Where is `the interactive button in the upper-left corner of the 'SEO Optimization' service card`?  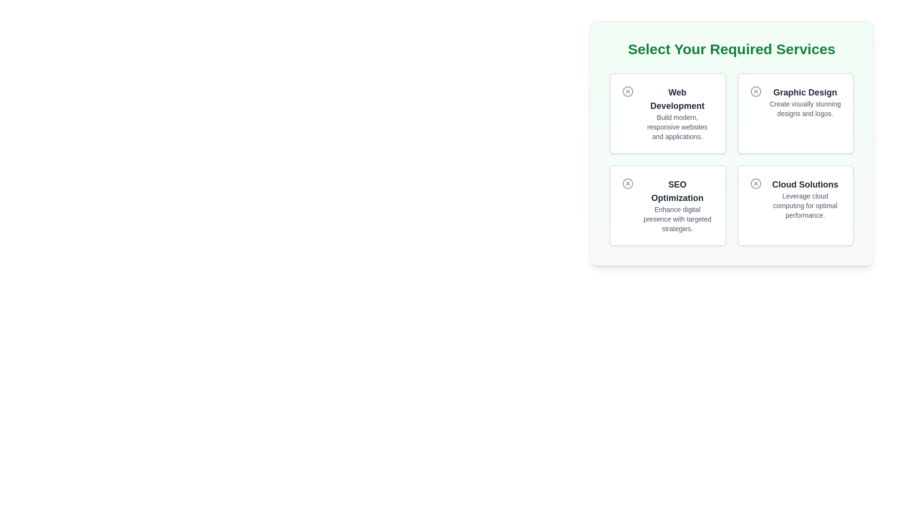
the interactive button in the upper-left corner of the 'SEO Optimization' service card is located at coordinates (628, 183).